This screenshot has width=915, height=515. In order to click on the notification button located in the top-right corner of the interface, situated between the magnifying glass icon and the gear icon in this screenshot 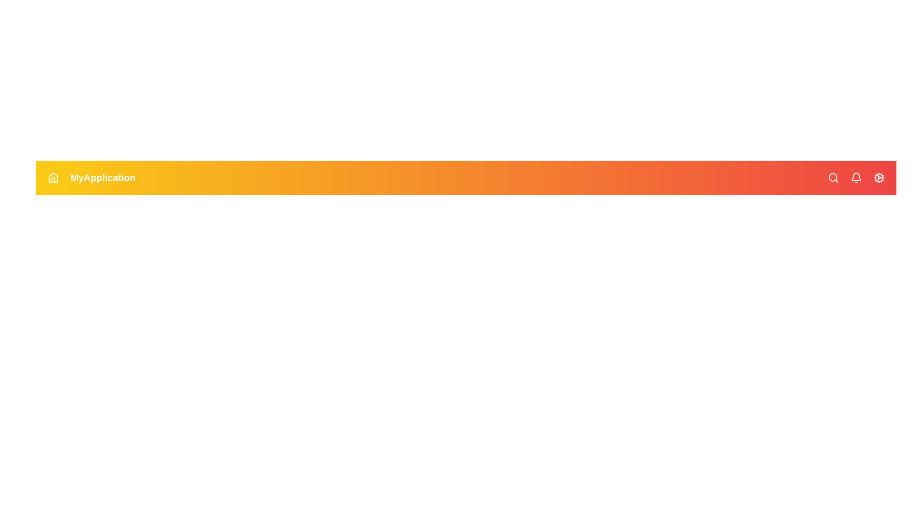, I will do `click(856, 178)`.